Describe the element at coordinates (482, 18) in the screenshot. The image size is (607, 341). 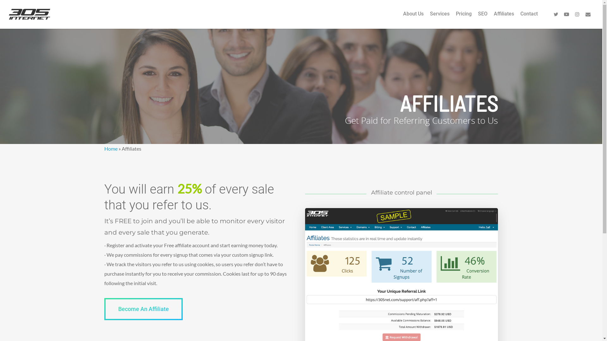
I see `'SEO'` at that location.